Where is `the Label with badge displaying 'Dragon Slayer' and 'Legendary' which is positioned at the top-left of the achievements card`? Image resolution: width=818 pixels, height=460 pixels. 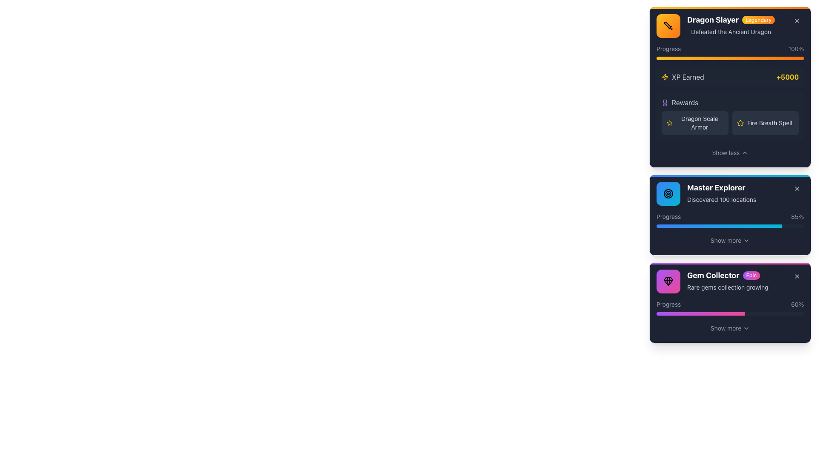
the Label with badge displaying 'Dragon Slayer' and 'Legendary' which is positioned at the top-left of the achievements card is located at coordinates (731, 19).